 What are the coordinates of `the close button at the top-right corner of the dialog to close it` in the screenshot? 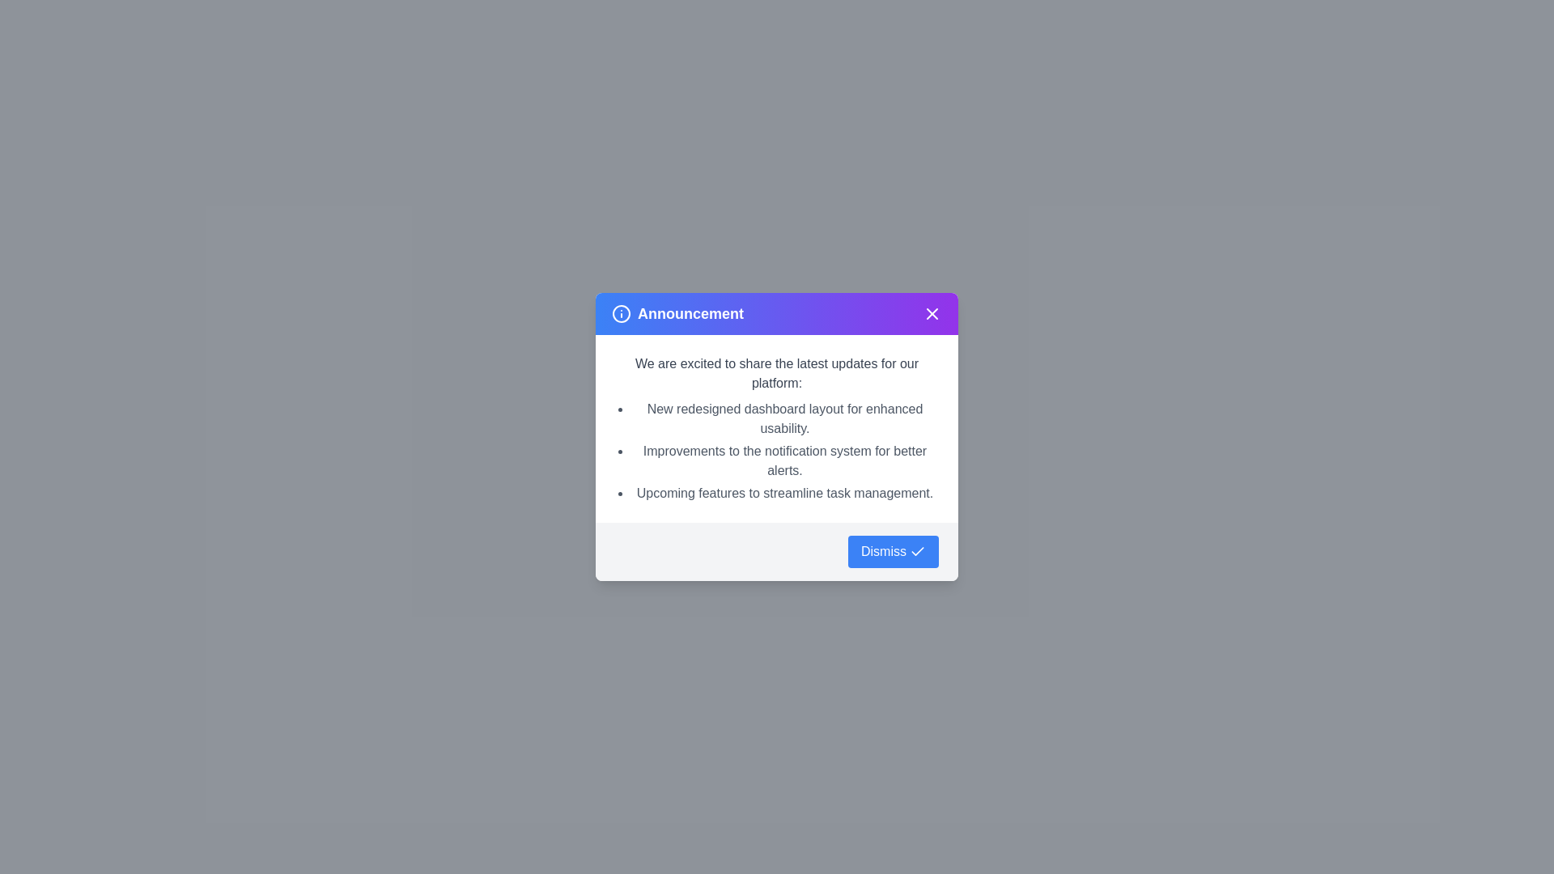 It's located at (932, 314).